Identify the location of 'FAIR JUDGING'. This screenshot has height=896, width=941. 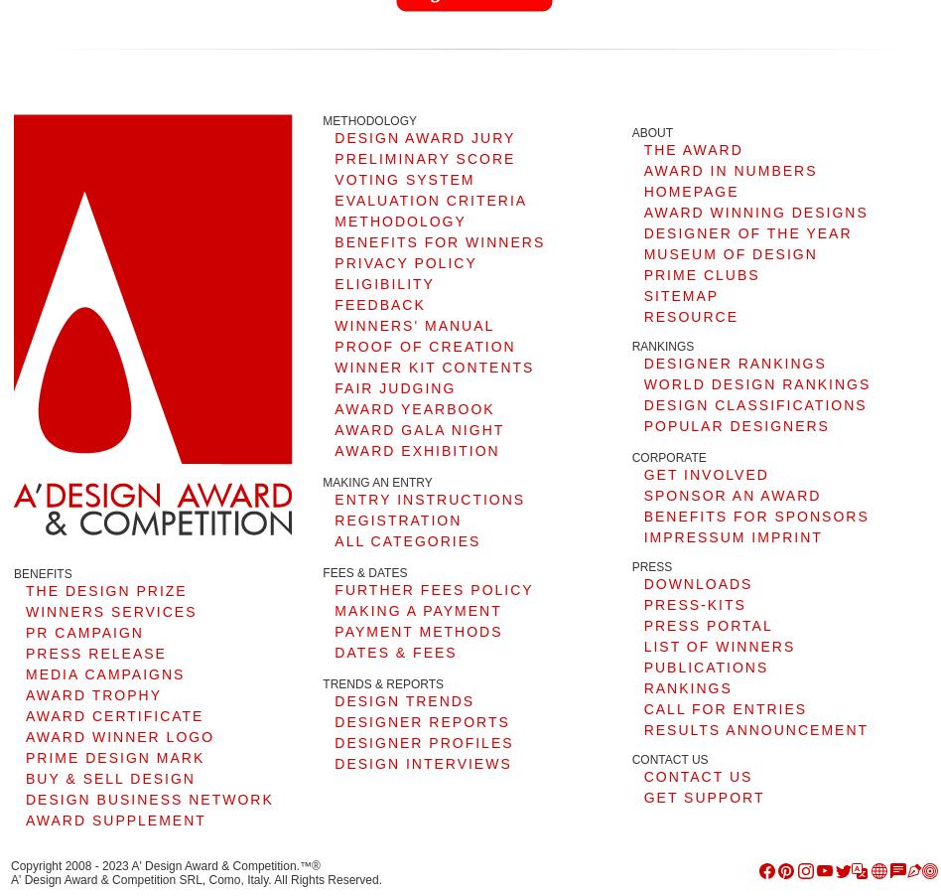
(335, 387).